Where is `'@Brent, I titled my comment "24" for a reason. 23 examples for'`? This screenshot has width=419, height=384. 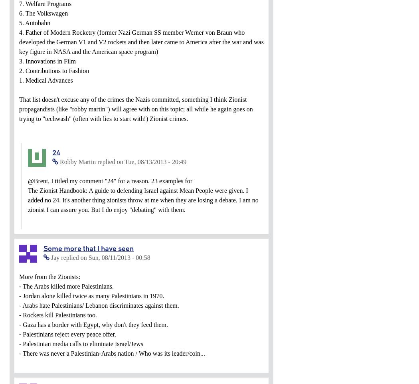 '@Brent, I titled my comment "24" for a reason. 23 examples for' is located at coordinates (110, 181).